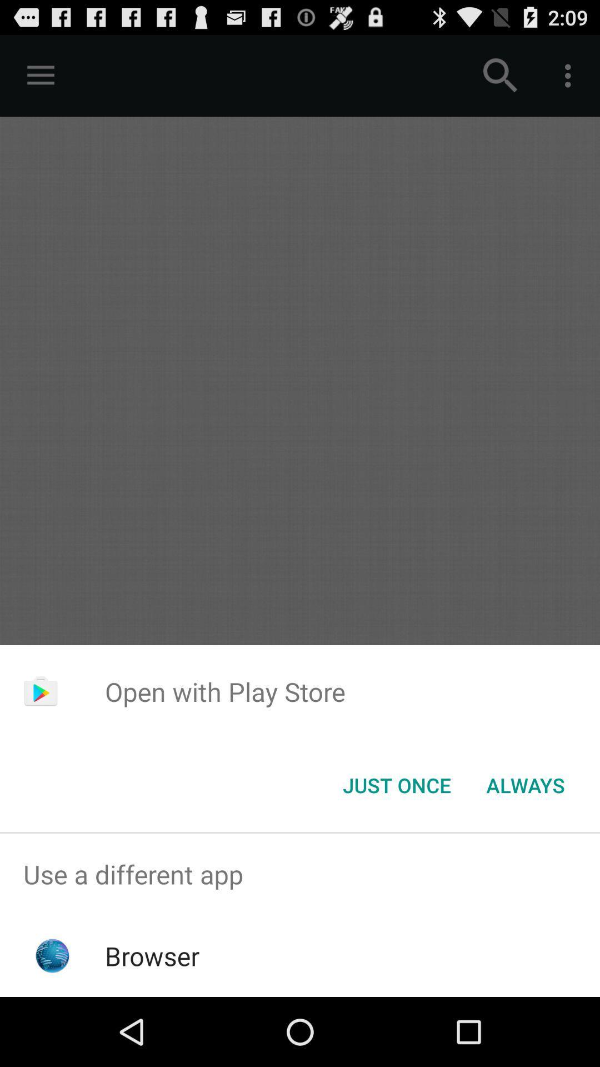 The width and height of the screenshot is (600, 1067). I want to click on the app below the open with play icon, so click(525, 784).